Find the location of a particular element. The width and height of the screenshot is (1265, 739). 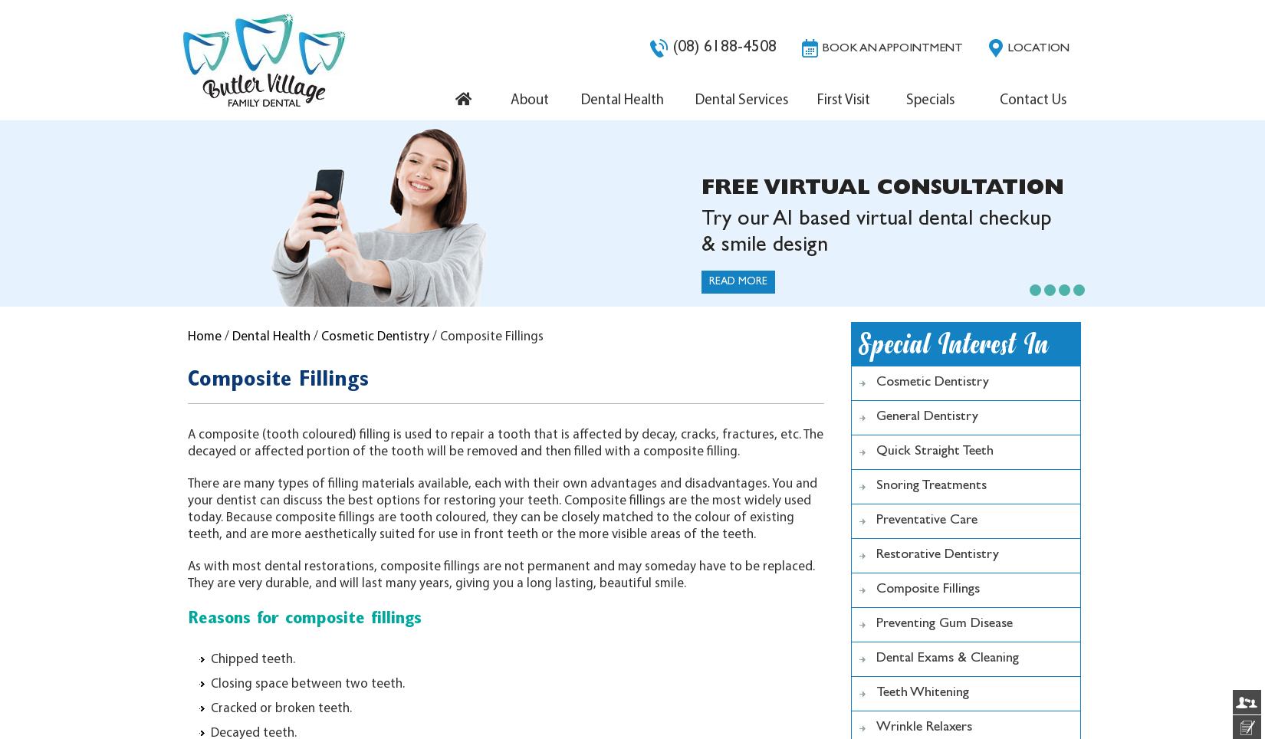

'Teeth Whitening' is located at coordinates (922, 693).